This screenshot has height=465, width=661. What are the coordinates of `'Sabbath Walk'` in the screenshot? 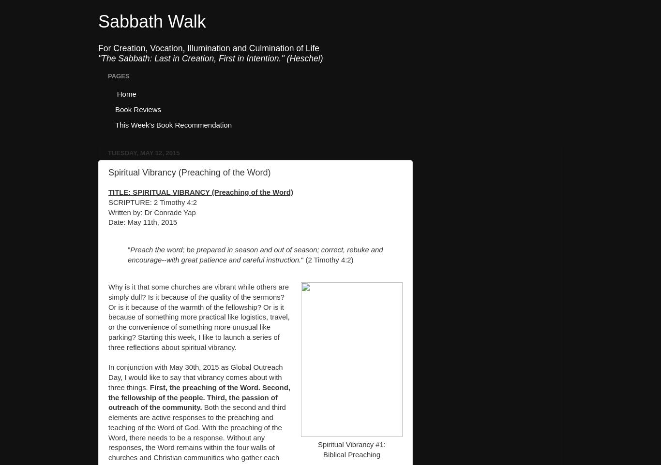 It's located at (152, 21).